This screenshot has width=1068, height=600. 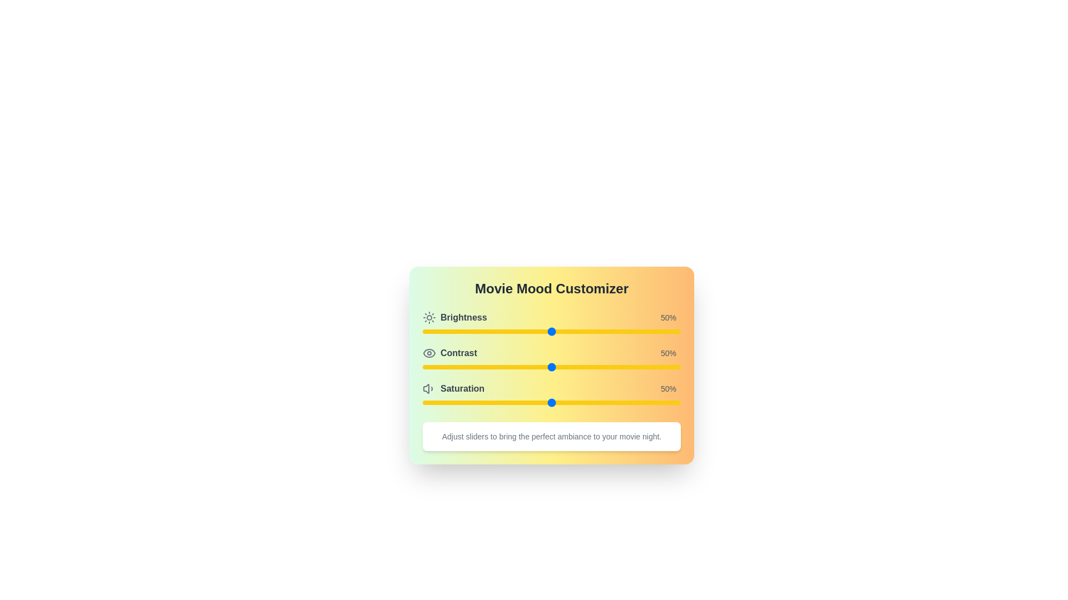 What do you see at coordinates (500, 403) in the screenshot?
I see `the slider` at bounding box center [500, 403].